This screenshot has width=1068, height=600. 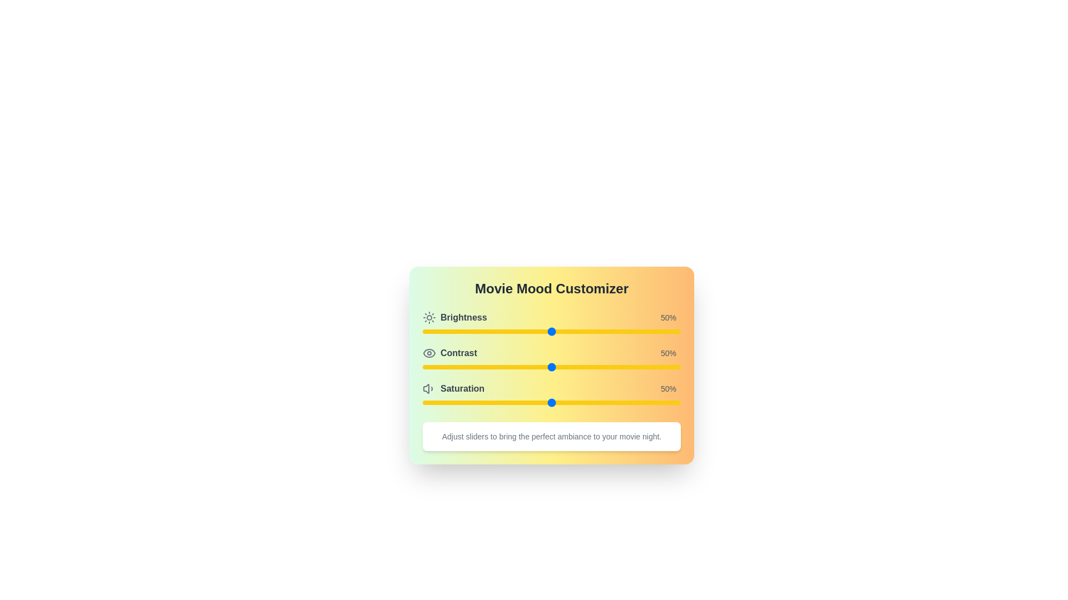 What do you see at coordinates (500, 403) in the screenshot?
I see `the slider` at bounding box center [500, 403].